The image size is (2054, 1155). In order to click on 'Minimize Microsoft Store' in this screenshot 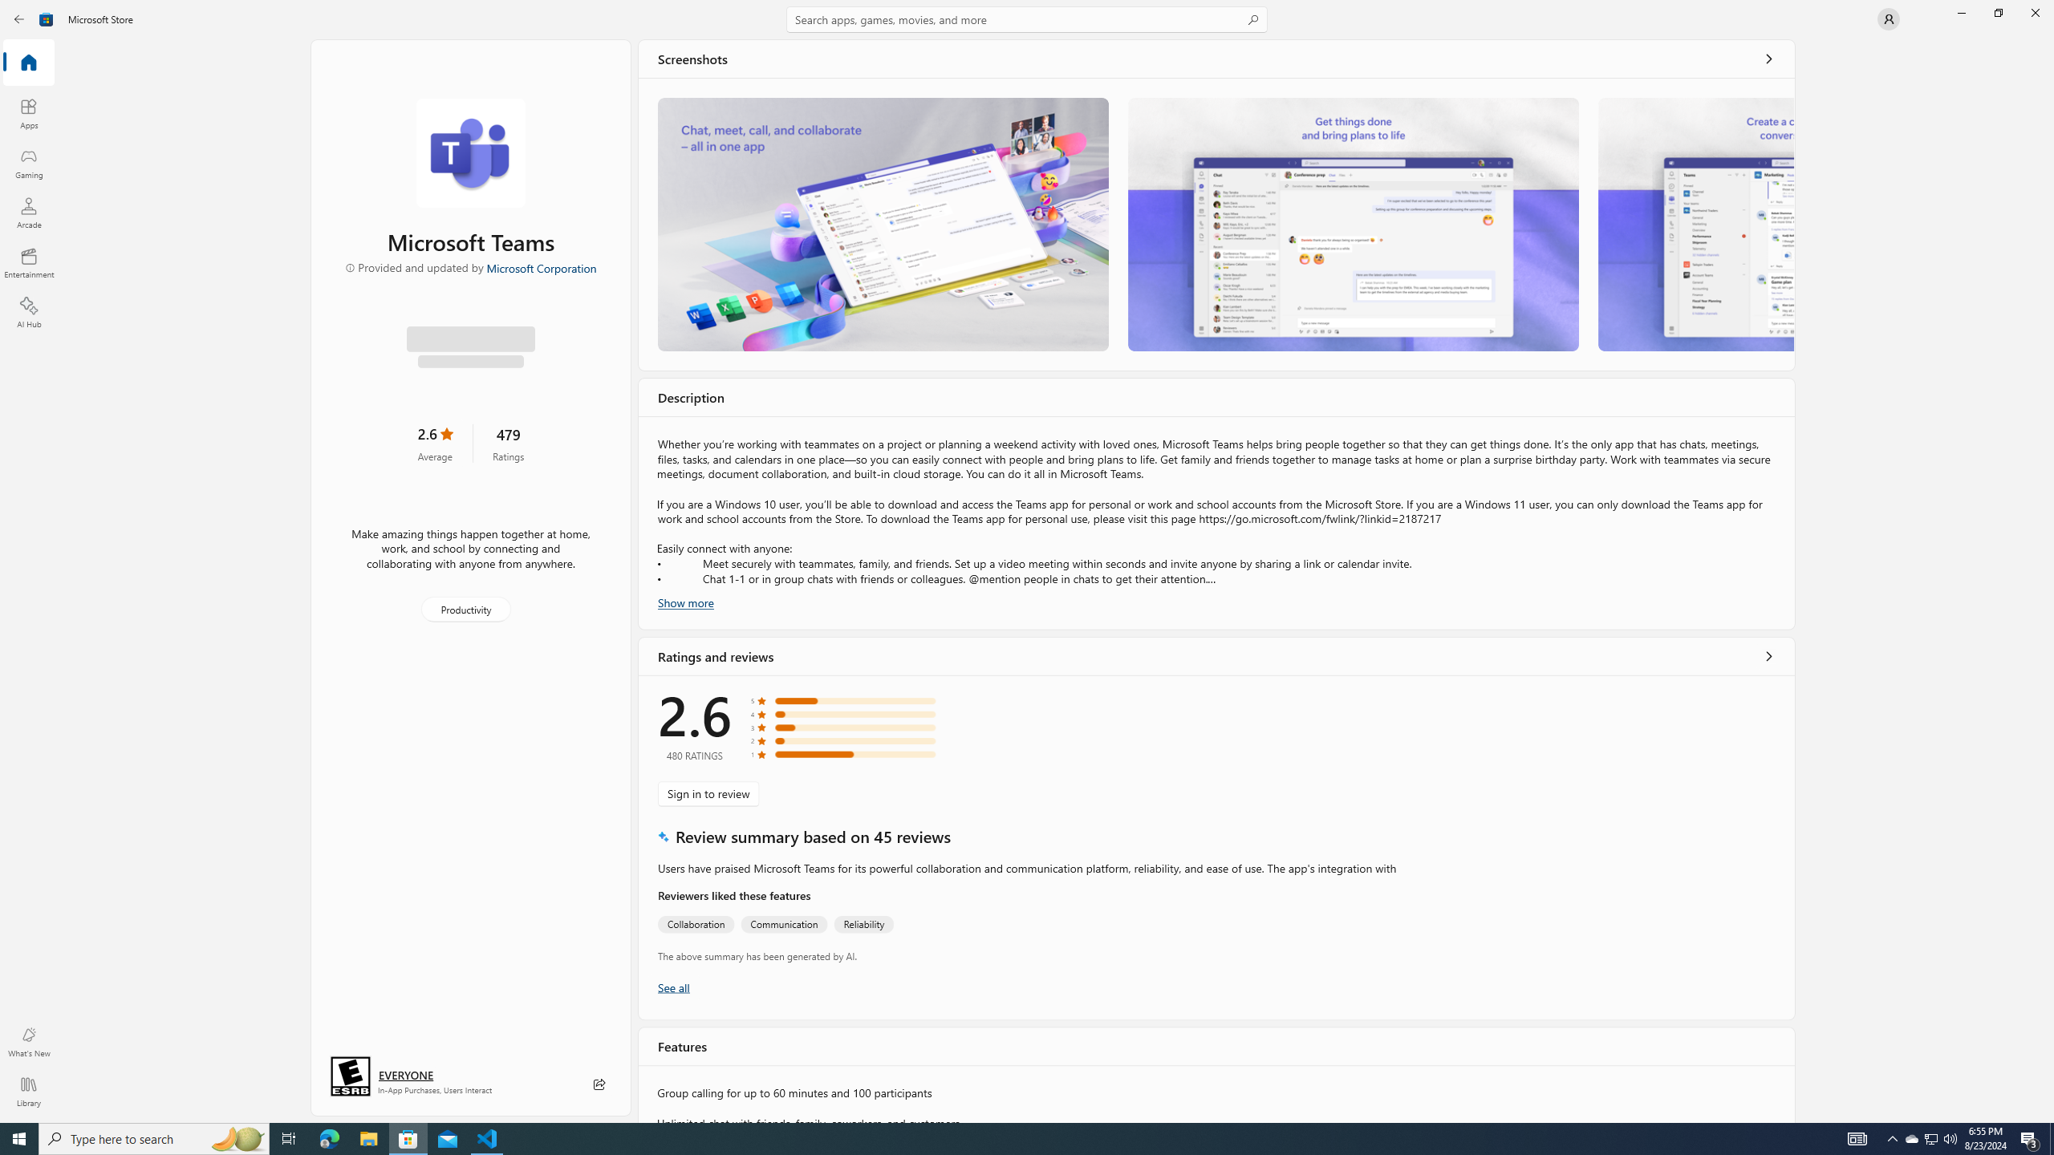, I will do `click(1960, 12)`.